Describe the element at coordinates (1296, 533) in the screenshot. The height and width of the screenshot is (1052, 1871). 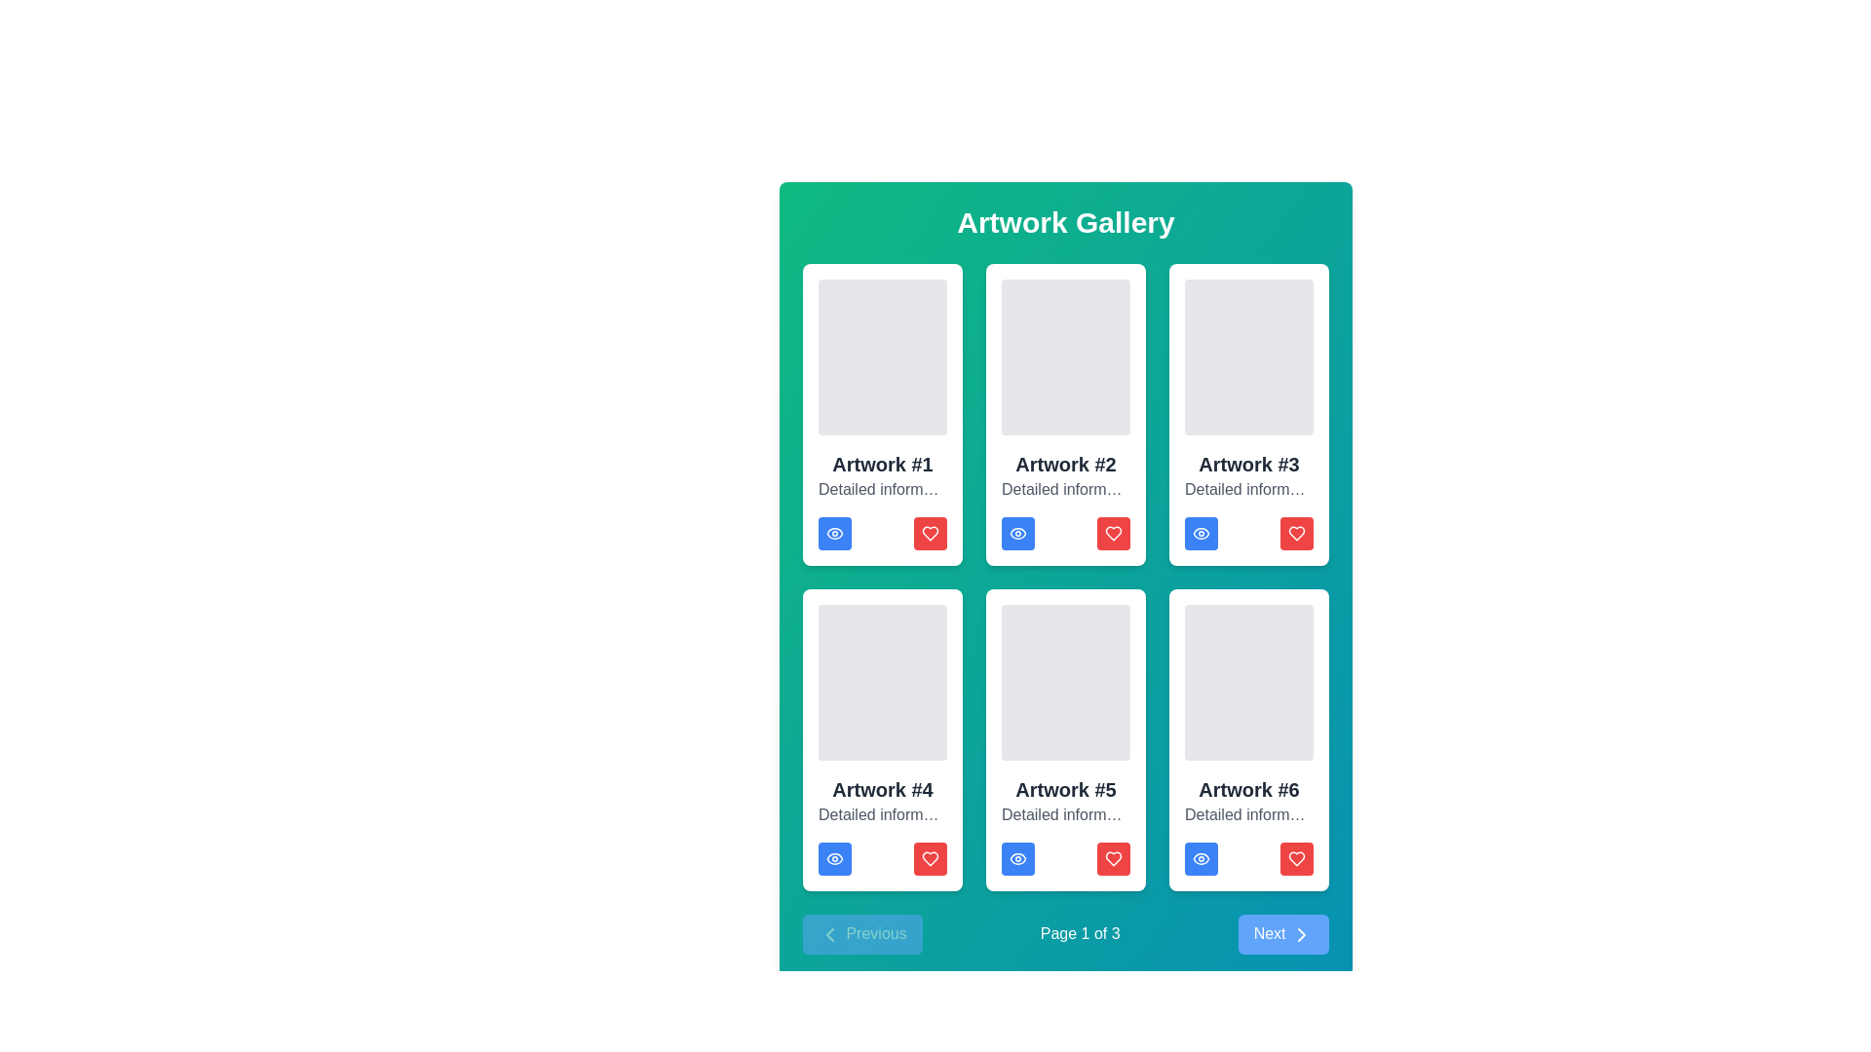
I see `the favorite button icon located in the bottom-right corner of the 'Artwork #3' card` at that location.